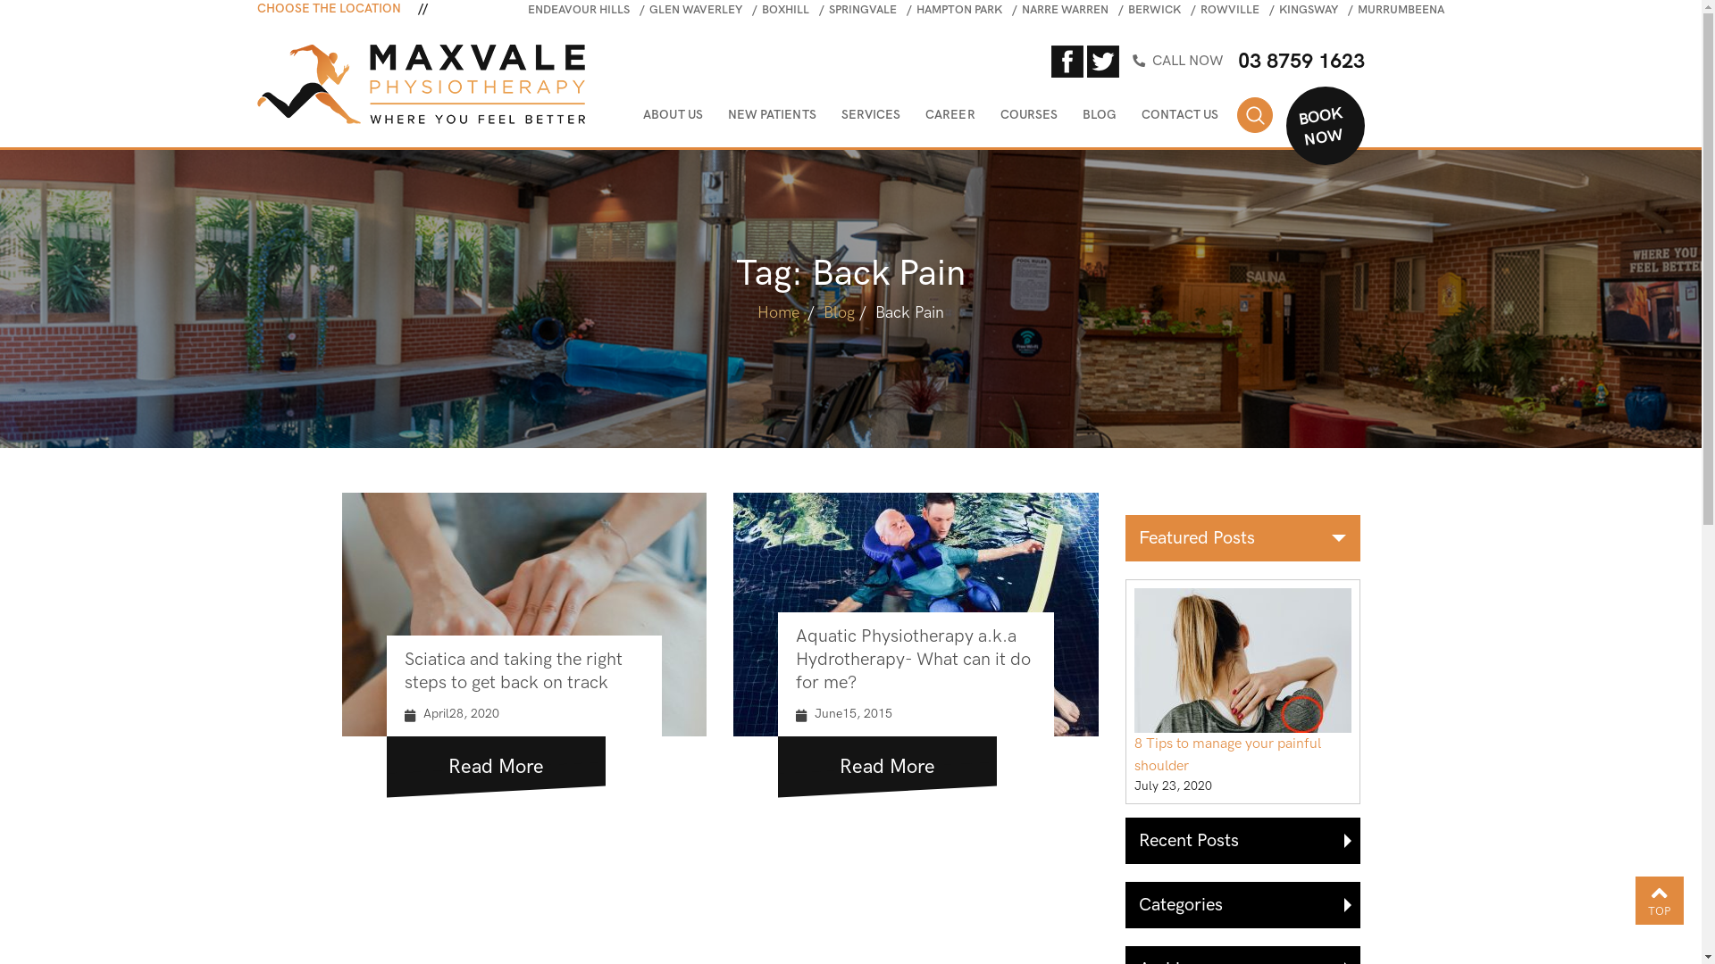  What do you see at coordinates (958, 10) in the screenshot?
I see `'HAMPTON PARK'` at bounding box center [958, 10].